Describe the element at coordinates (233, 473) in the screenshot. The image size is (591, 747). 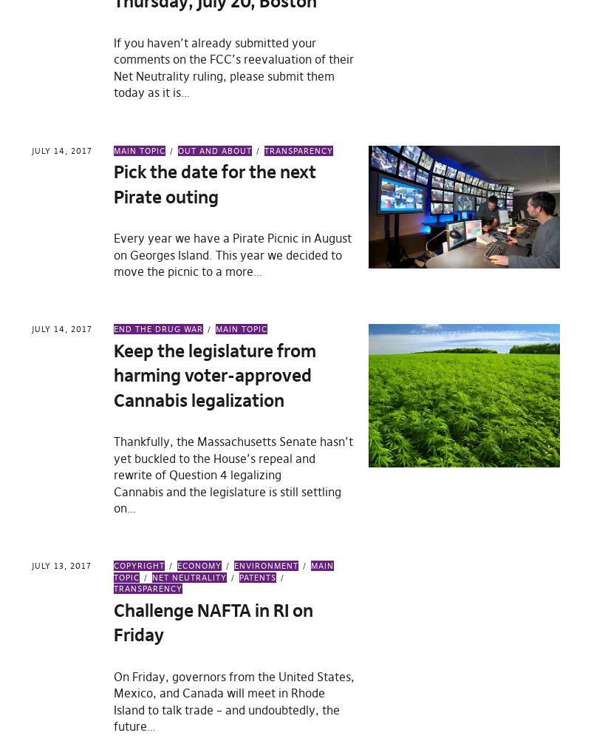
I see `'Thankfully, the Massachusetts Senate hasn’t yet buckled to the House’s repeal and rewrite of Question 4 legalizing Cannabis and the legislature is still settling on…'` at that location.